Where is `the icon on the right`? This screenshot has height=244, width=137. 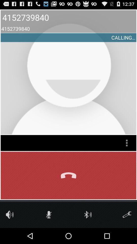 the icon on the right is located at coordinates (126, 143).